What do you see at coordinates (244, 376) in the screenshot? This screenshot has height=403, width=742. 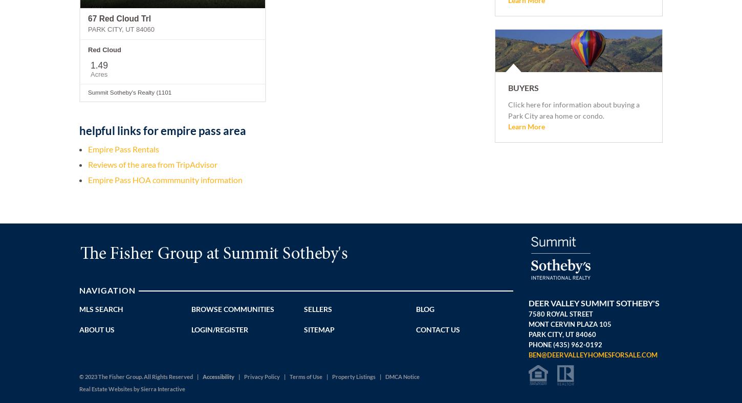 I see `'Privacy Policy'` at bounding box center [244, 376].